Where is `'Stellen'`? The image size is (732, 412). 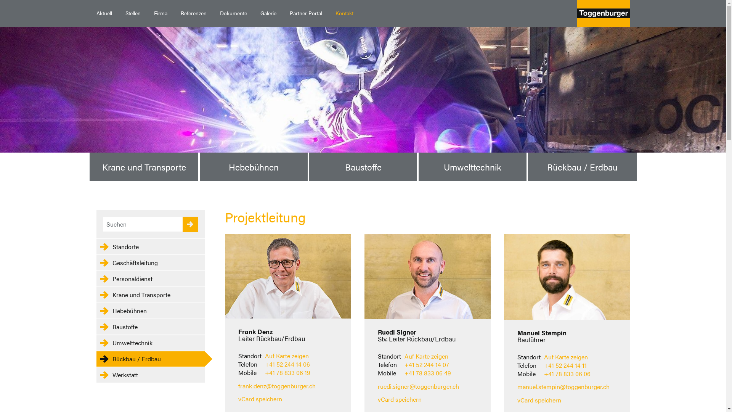 'Stellen' is located at coordinates (133, 13).